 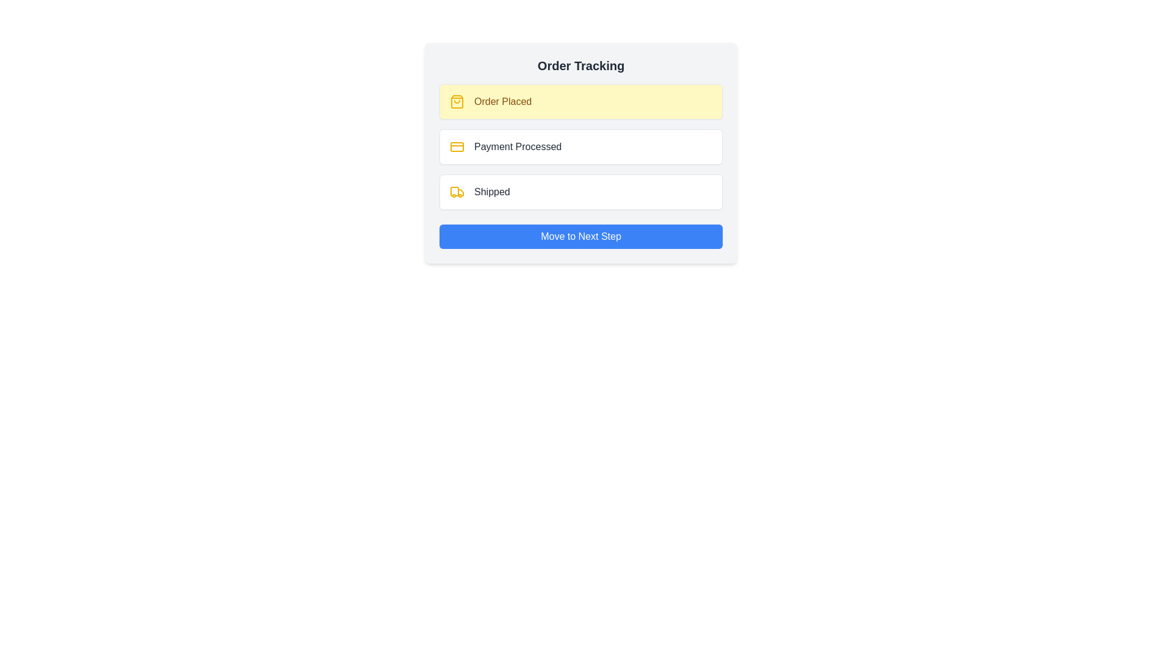 I want to click on the graphical representation of the primary rectangle within the credit card icon, which is located adjacent to the 'Payment Processed' label, so click(x=456, y=146).